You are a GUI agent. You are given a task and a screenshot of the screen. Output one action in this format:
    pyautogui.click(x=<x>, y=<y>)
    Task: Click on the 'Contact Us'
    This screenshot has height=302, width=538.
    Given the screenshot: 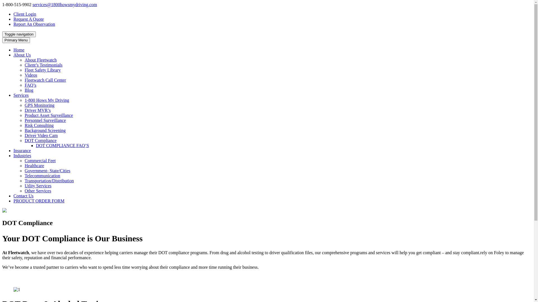 What is the action you would take?
    pyautogui.click(x=23, y=195)
    